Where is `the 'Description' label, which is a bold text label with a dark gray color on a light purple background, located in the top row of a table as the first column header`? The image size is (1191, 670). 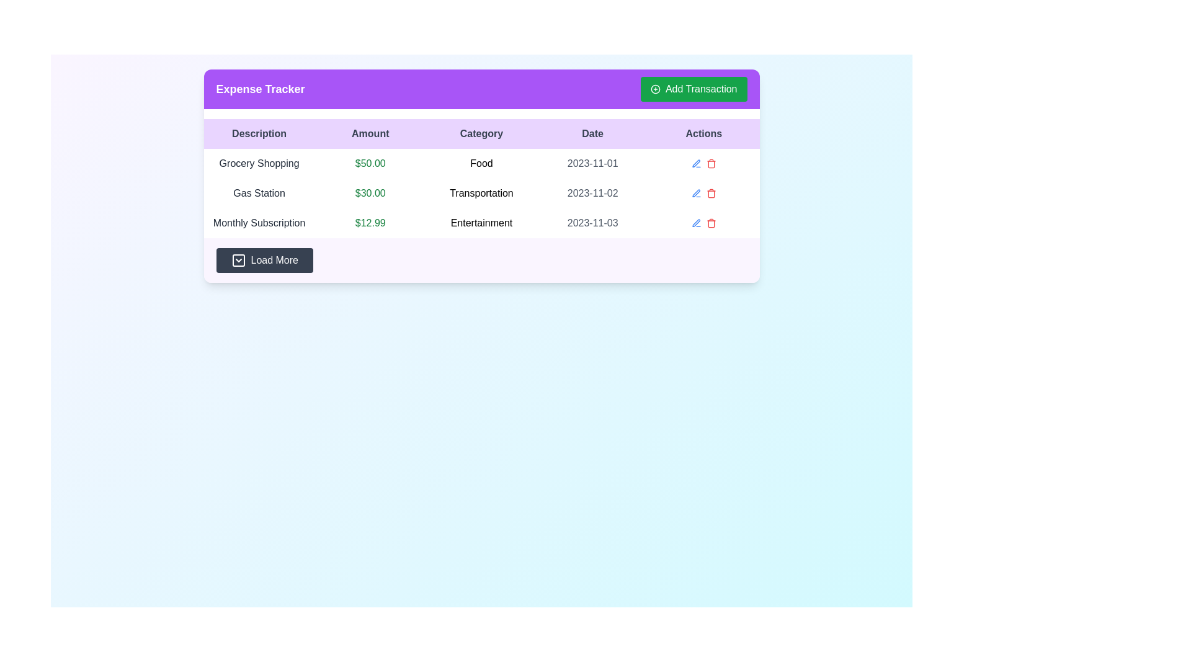 the 'Description' label, which is a bold text label with a dark gray color on a light purple background, located in the top row of a table as the first column header is located at coordinates (259, 134).